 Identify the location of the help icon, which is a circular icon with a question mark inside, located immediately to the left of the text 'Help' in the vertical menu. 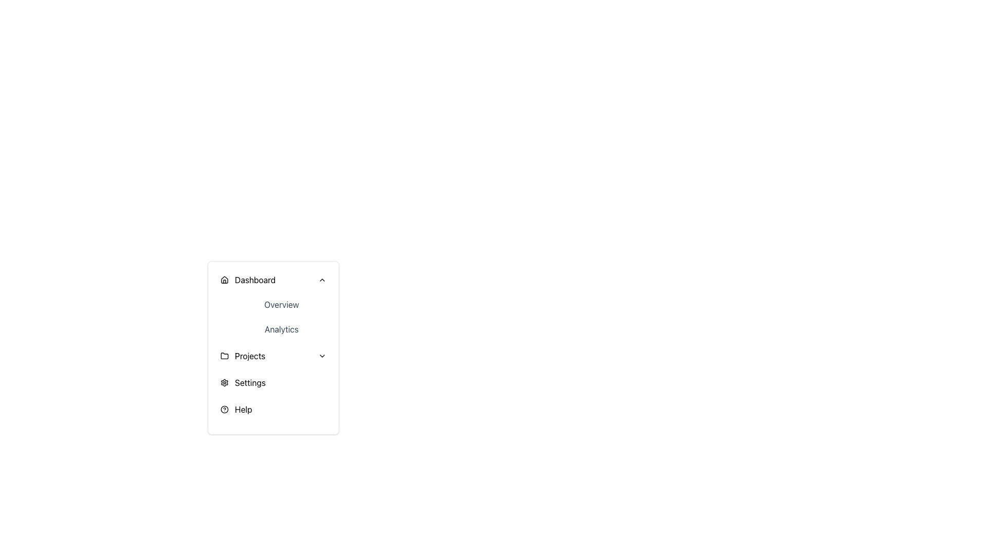
(224, 409).